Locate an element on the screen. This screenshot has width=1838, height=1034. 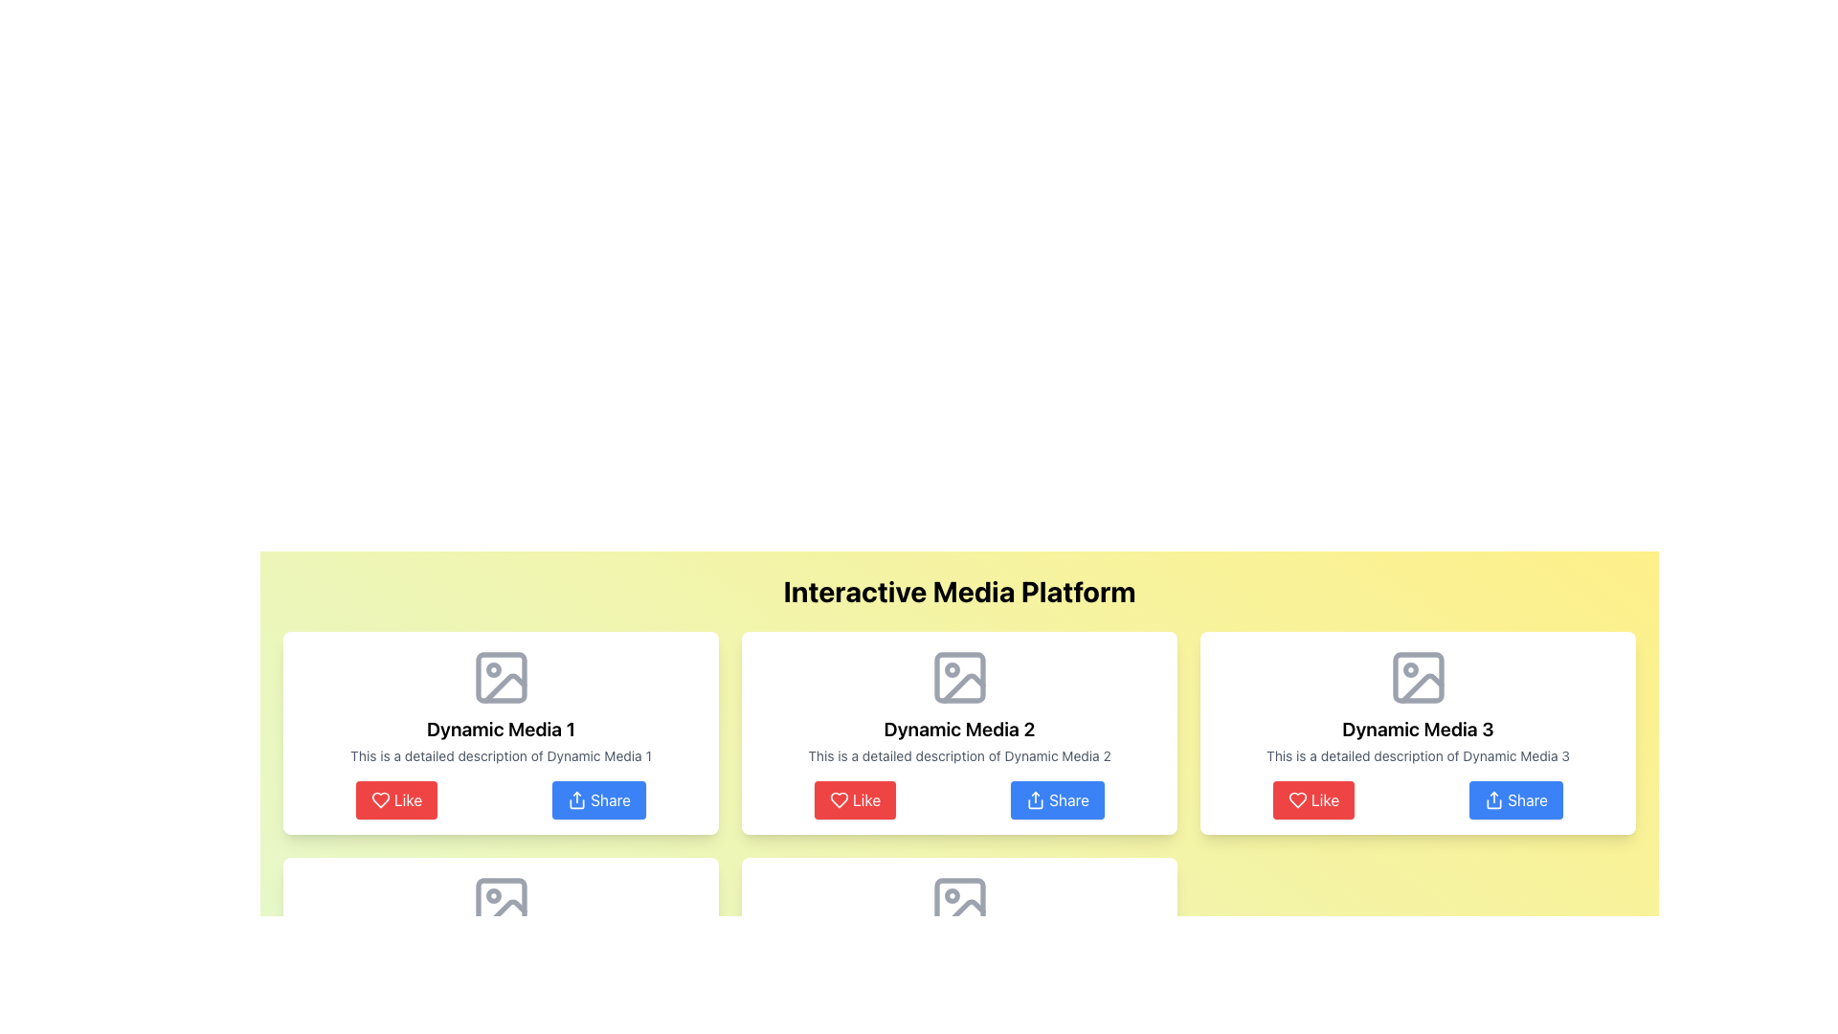
the heart icon graphic within the red 'Like' button located below the 'Dynamic Media 1' card to like or favorite the associated content is located at coordinates (381, 800).